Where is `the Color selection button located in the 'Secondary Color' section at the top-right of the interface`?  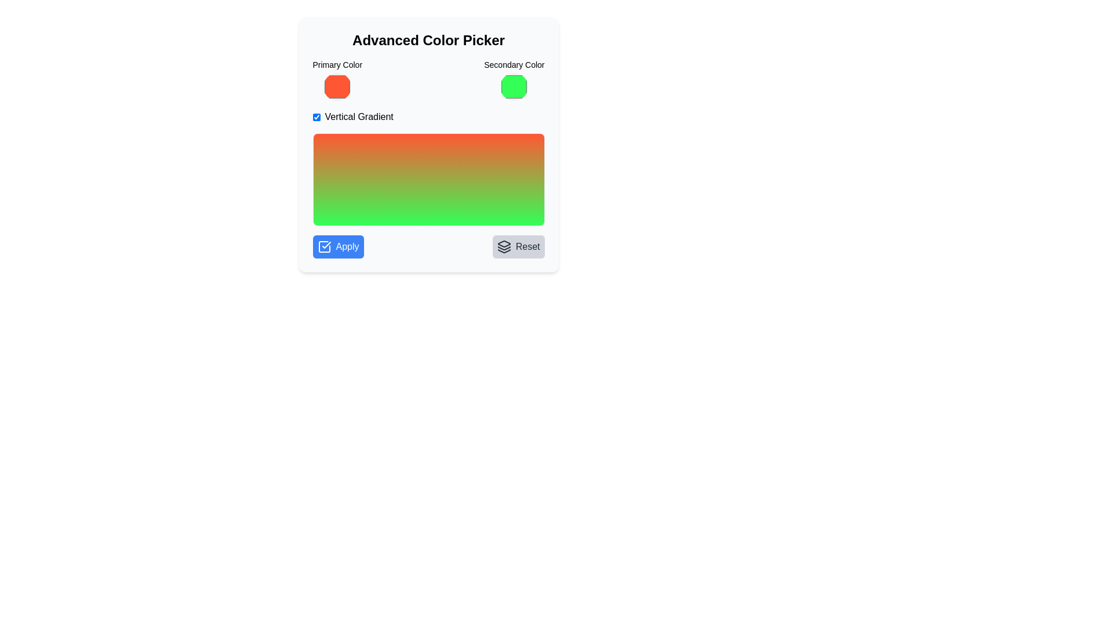
the Color selection button located in the 'Secondary Color' section at the top-right of the interface is located at coordinates (514, 86).